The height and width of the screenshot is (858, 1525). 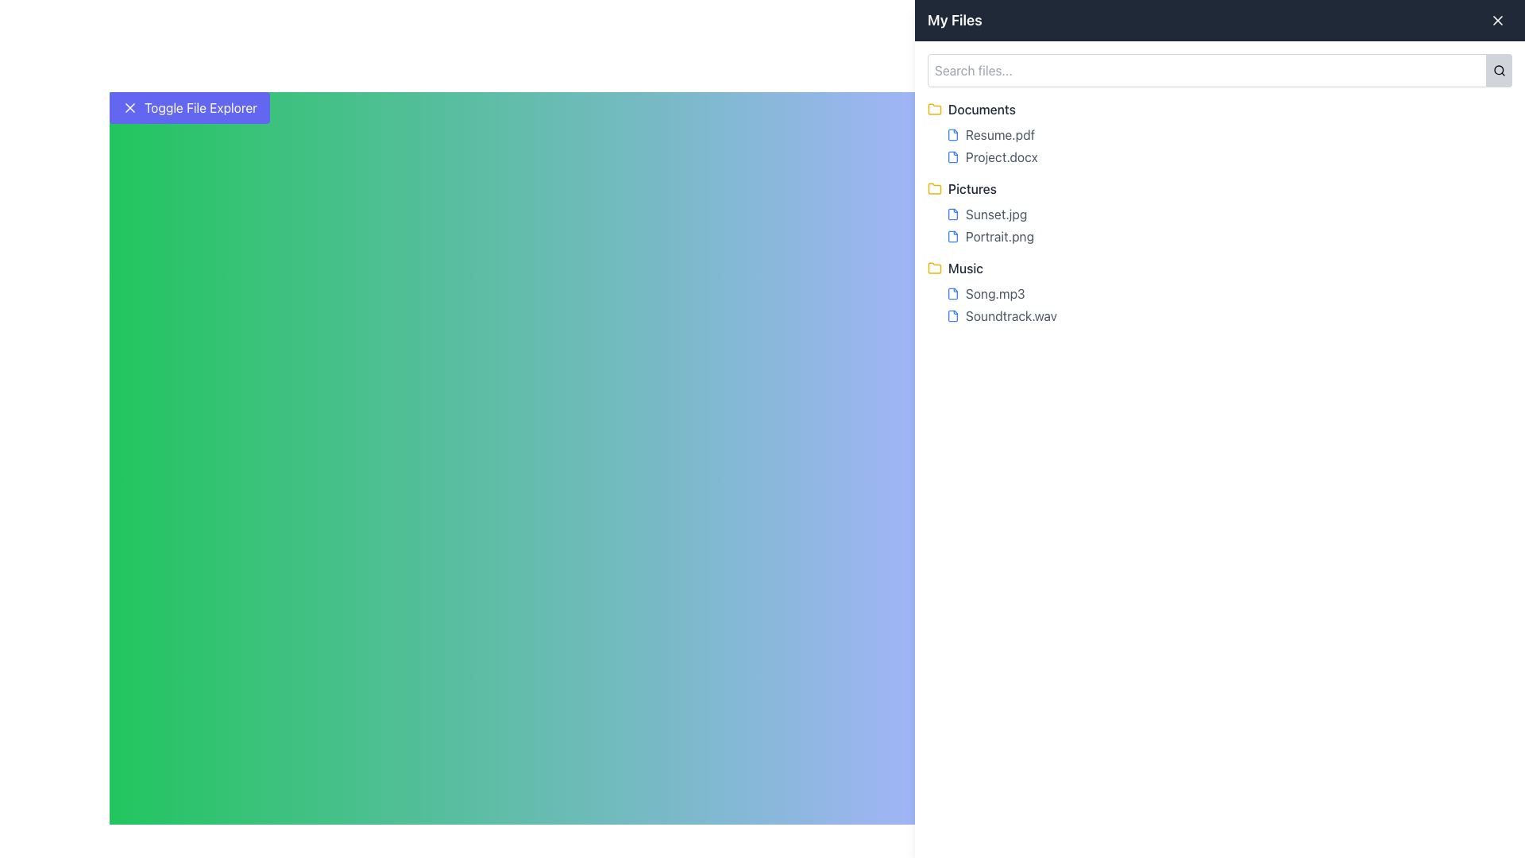 What do you see at coordinates (953, 315) in the screenshot?
I see `the Soundtrack.wav file icon located in the Music folder` at bounding box center [953, 315].